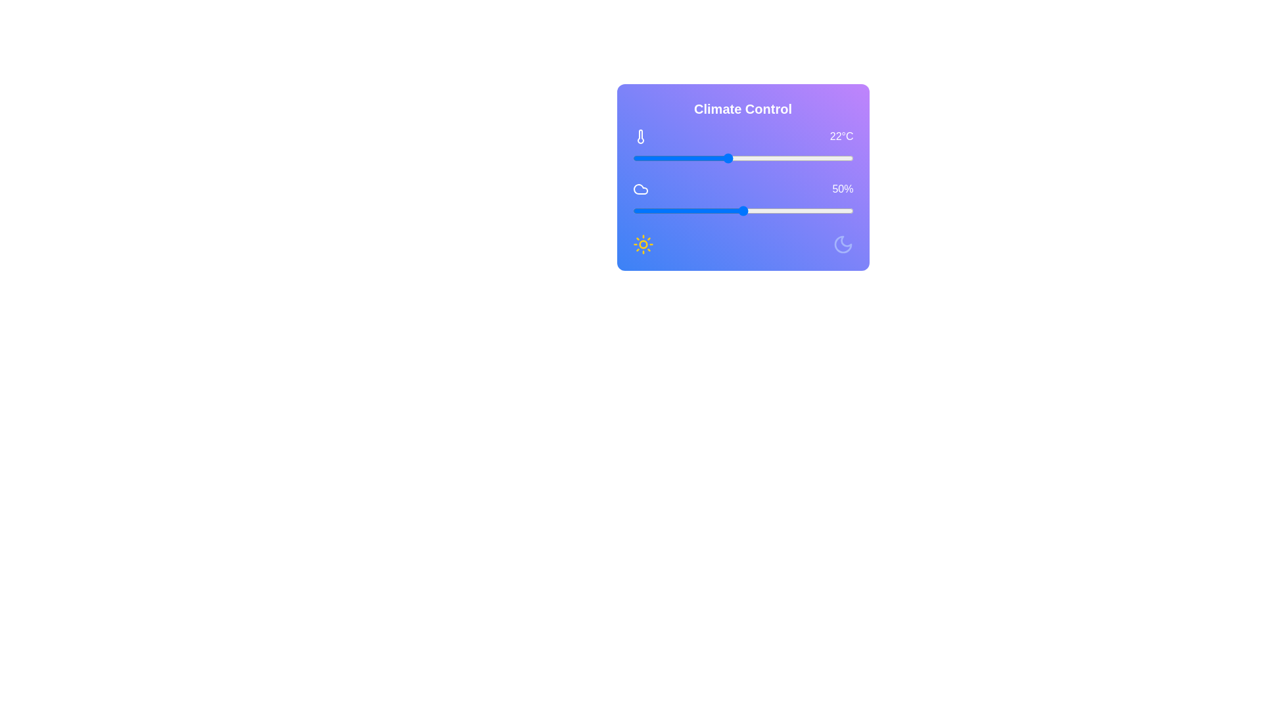 The height and width of the screenshot is (710, 1262). I want to click on the moon-shaped icon in light indigo color located at the bottom-right corner of the 'Climate Control' card, so click(843, 244).